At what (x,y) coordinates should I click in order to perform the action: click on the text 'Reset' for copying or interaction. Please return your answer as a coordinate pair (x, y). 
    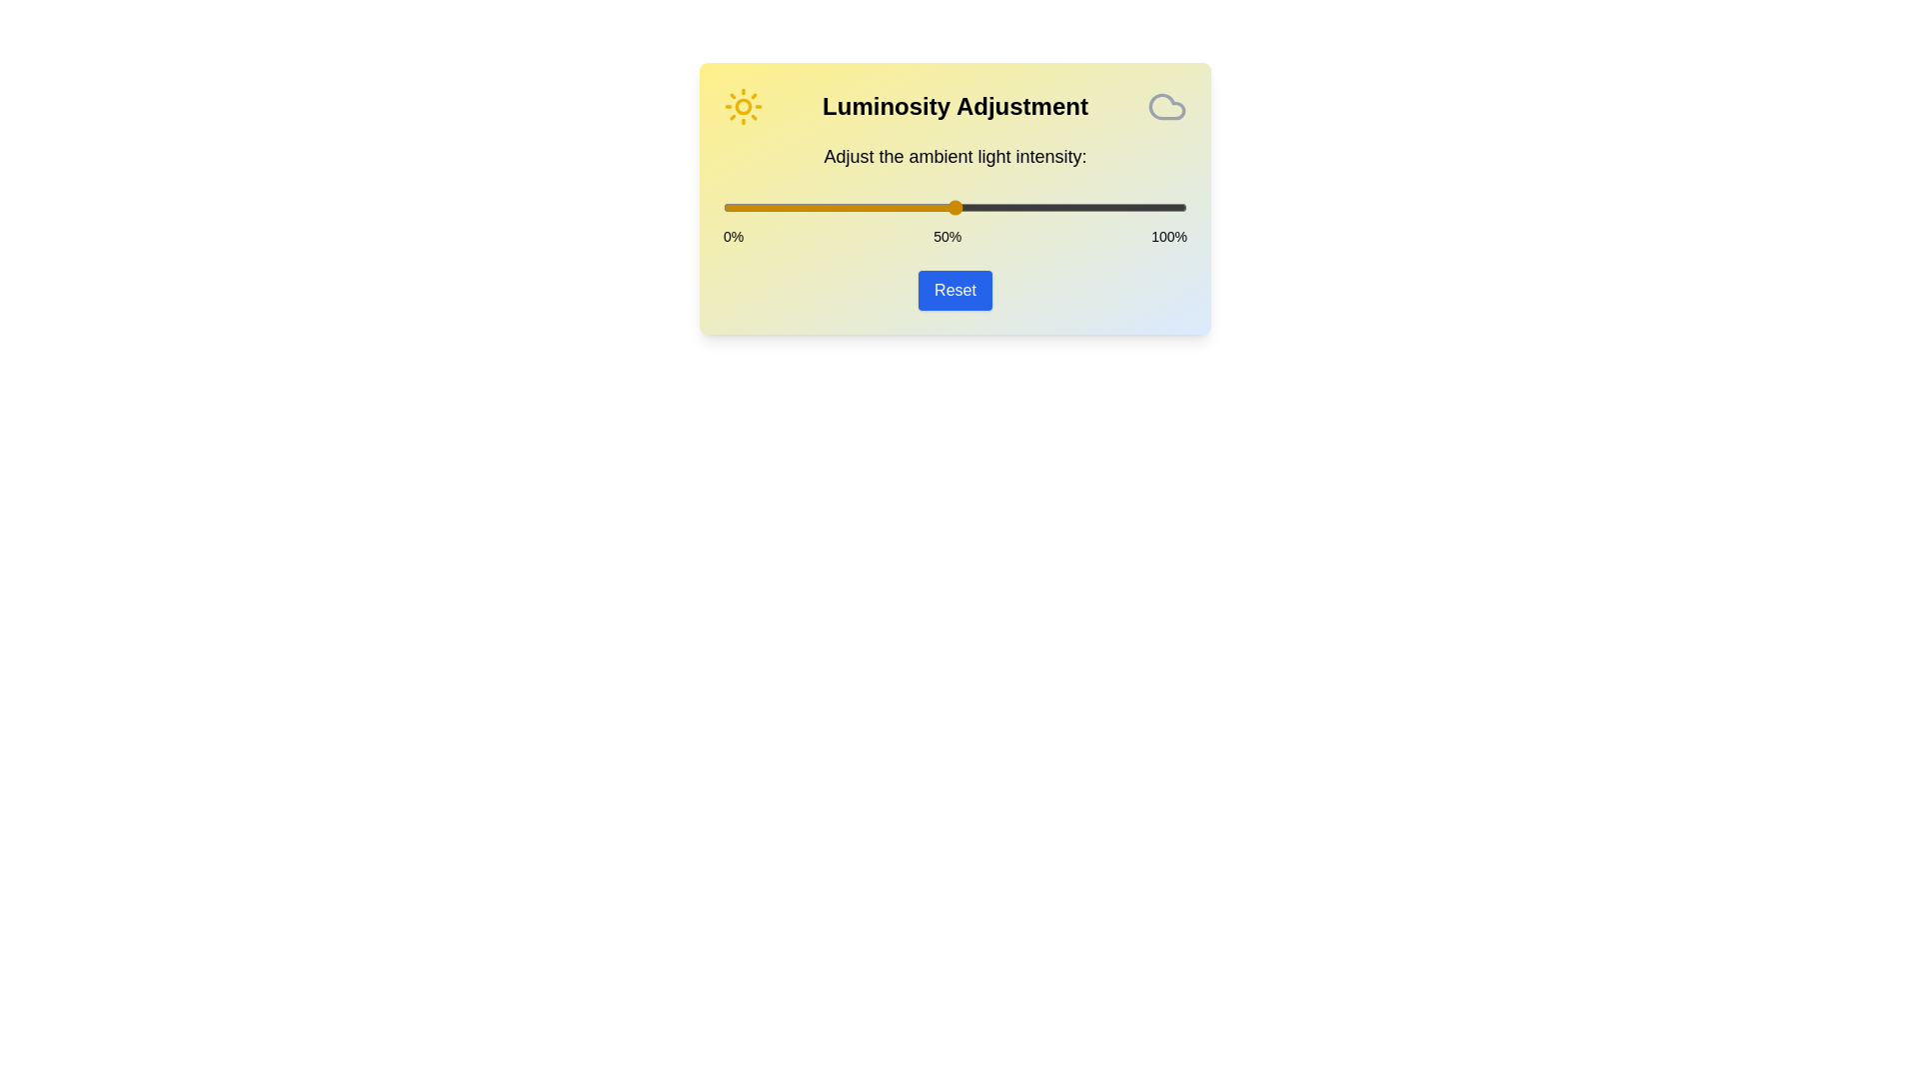
    Looking at the image, I should click on (954, 290).